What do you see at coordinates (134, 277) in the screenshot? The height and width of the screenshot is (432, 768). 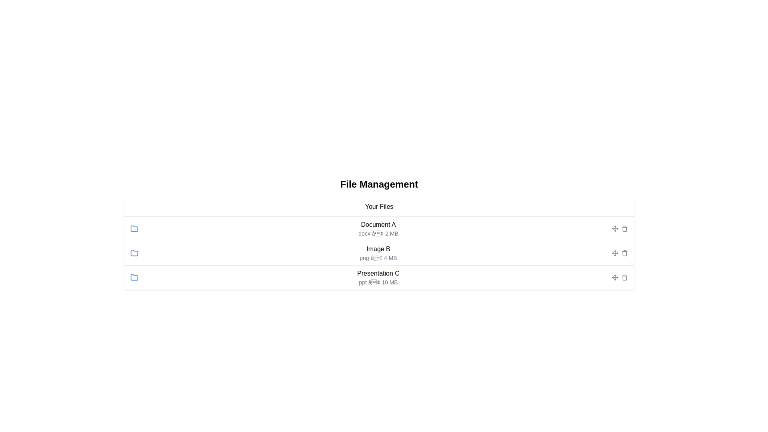 I see `the folder icon representing the file 'Presentation Cppt'` at bounding box center [134, 277].